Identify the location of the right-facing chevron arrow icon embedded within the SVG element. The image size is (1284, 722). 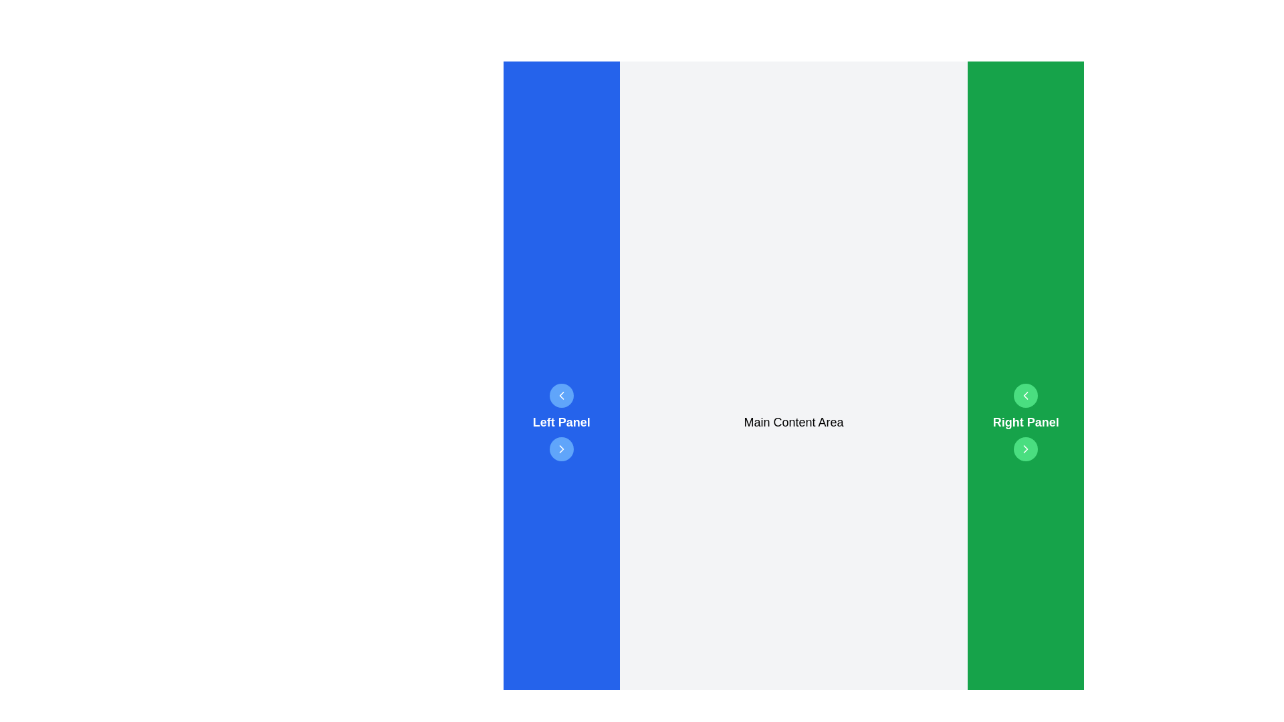
(561, 449).